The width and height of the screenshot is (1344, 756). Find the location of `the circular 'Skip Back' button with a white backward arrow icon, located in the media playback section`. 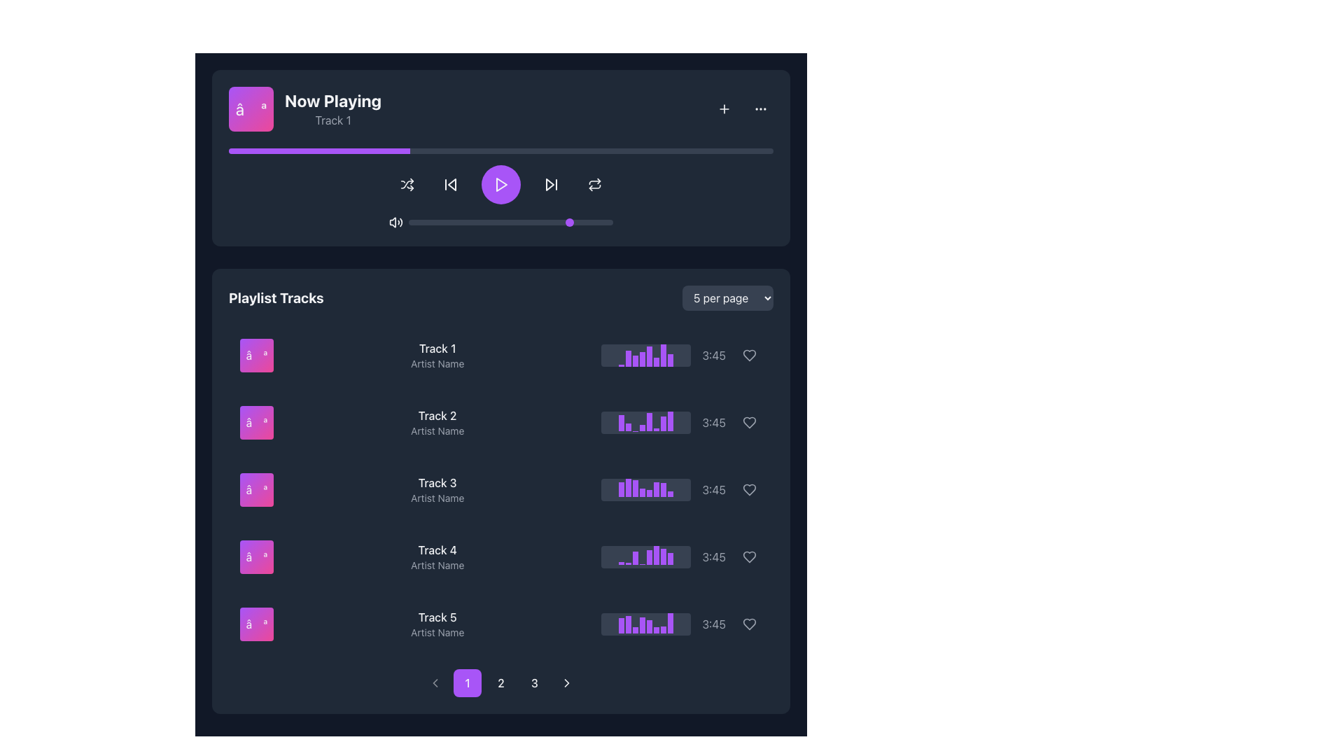

the circular 'Skip Back' button with a white backward arrow icon, located in the media playback section is located at coordinates (450, 183).